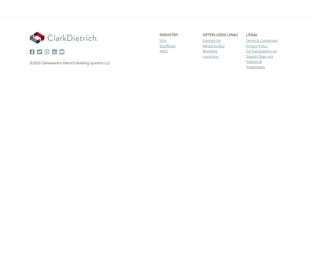  Describe the element at coordinates (70, 62) in the screenshot. I see `'©2023 Clarkwestern Dietrich Building Systems LLC'` at that location.